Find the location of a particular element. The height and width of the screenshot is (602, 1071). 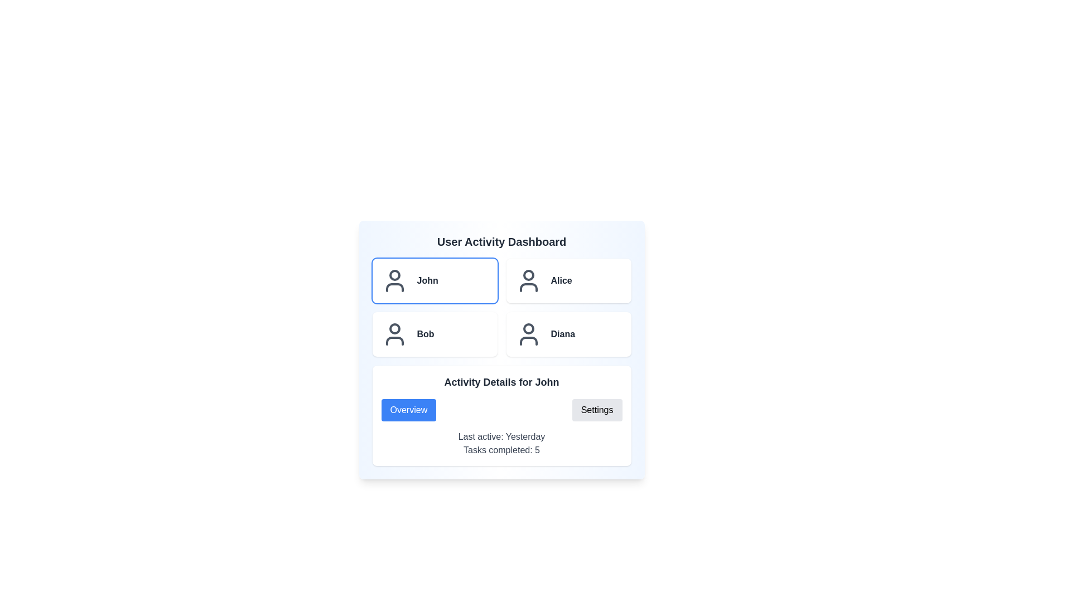

graphical details of the icon representing the user 'John' located in the first row and first column of the user grid in the dashboard is located at coordinates (394, 287).